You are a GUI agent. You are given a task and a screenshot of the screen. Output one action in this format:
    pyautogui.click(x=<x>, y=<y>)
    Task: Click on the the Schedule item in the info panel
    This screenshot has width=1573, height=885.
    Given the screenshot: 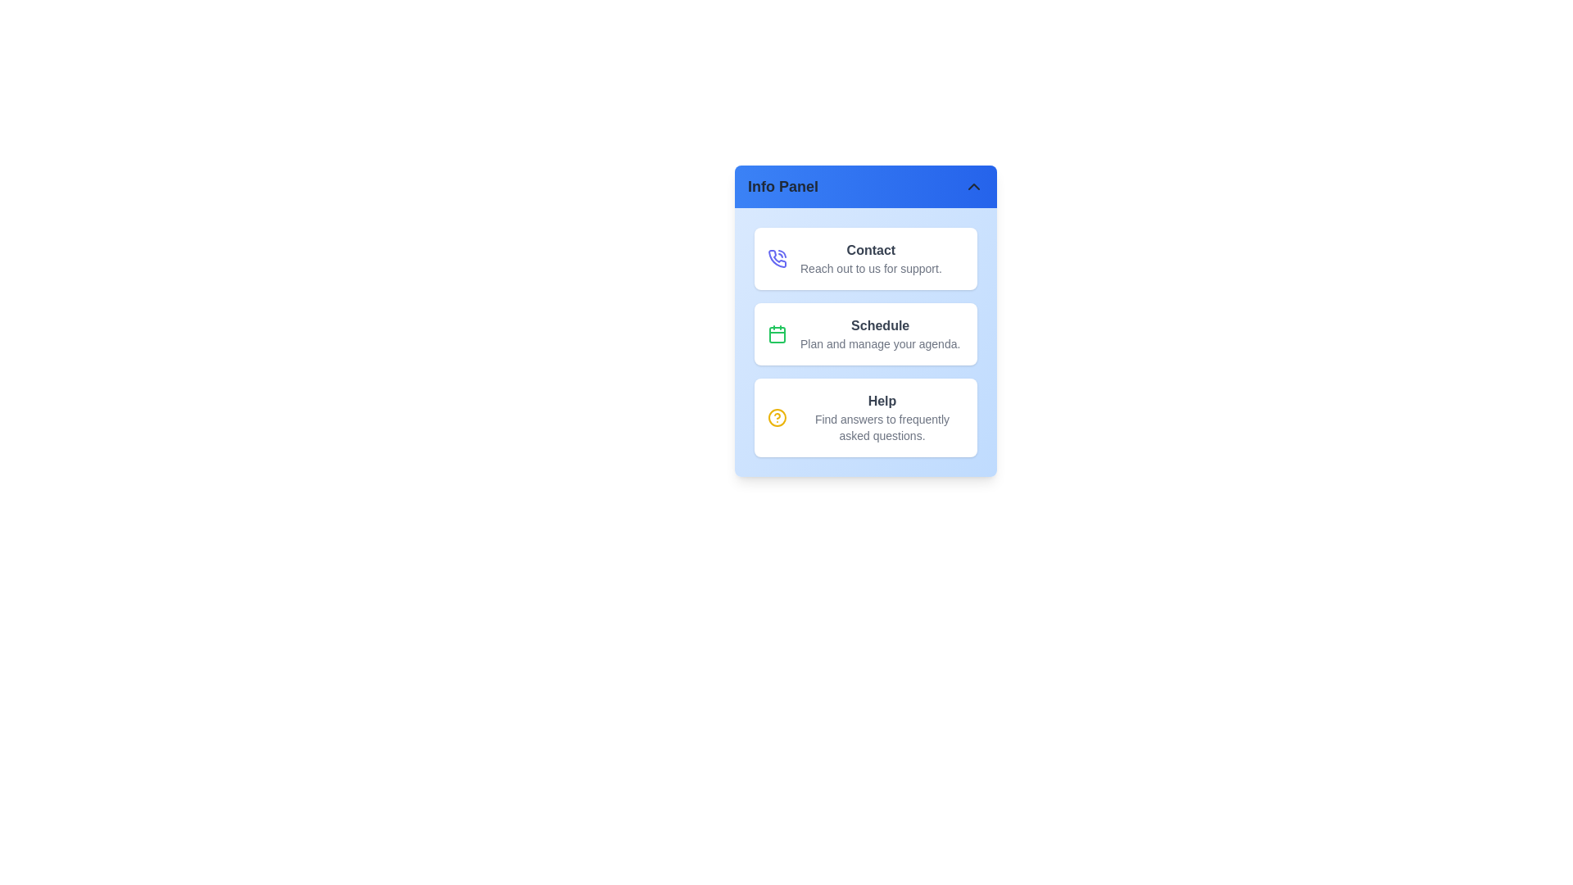 What is the action you would take?
    pyautogui.click(x=864, y=334)
    